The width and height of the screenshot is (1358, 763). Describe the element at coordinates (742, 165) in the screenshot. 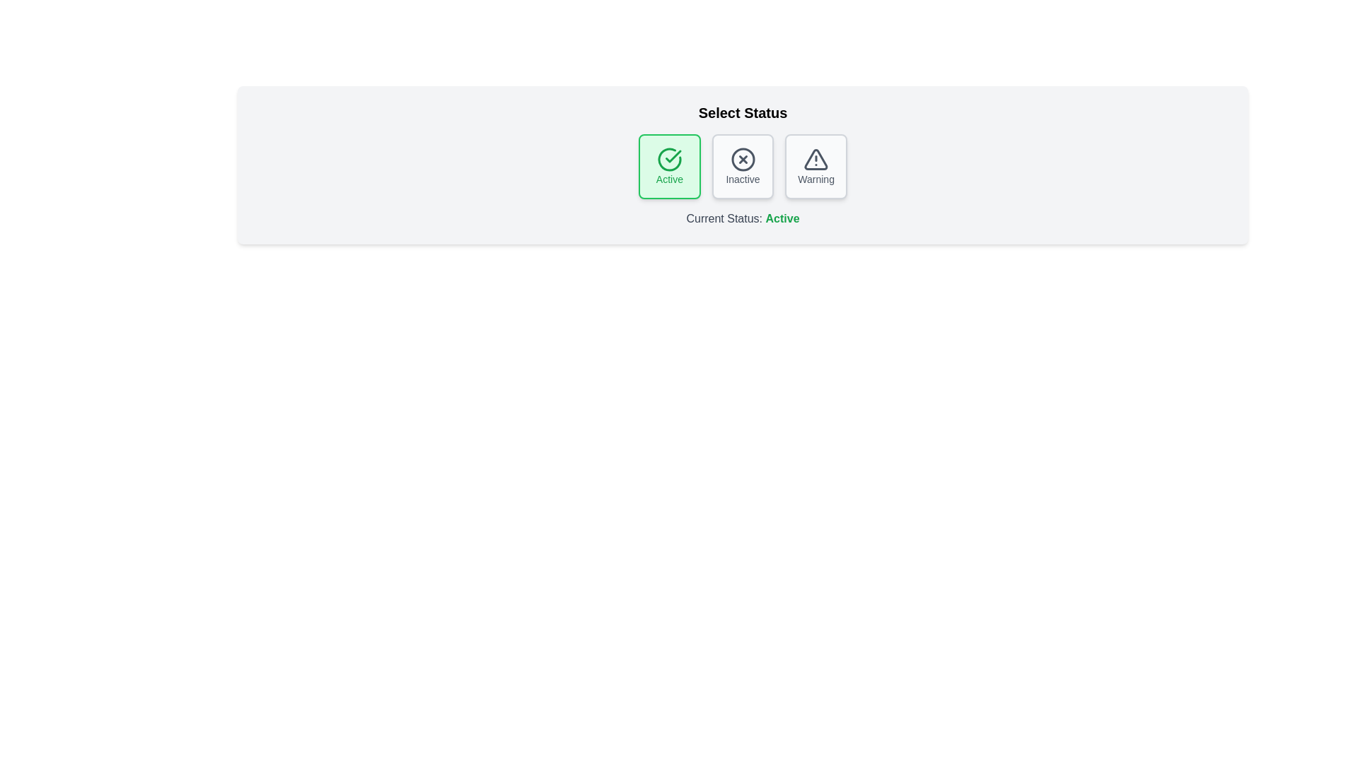

I see `the button corresponding to the status Inactive` at that location.